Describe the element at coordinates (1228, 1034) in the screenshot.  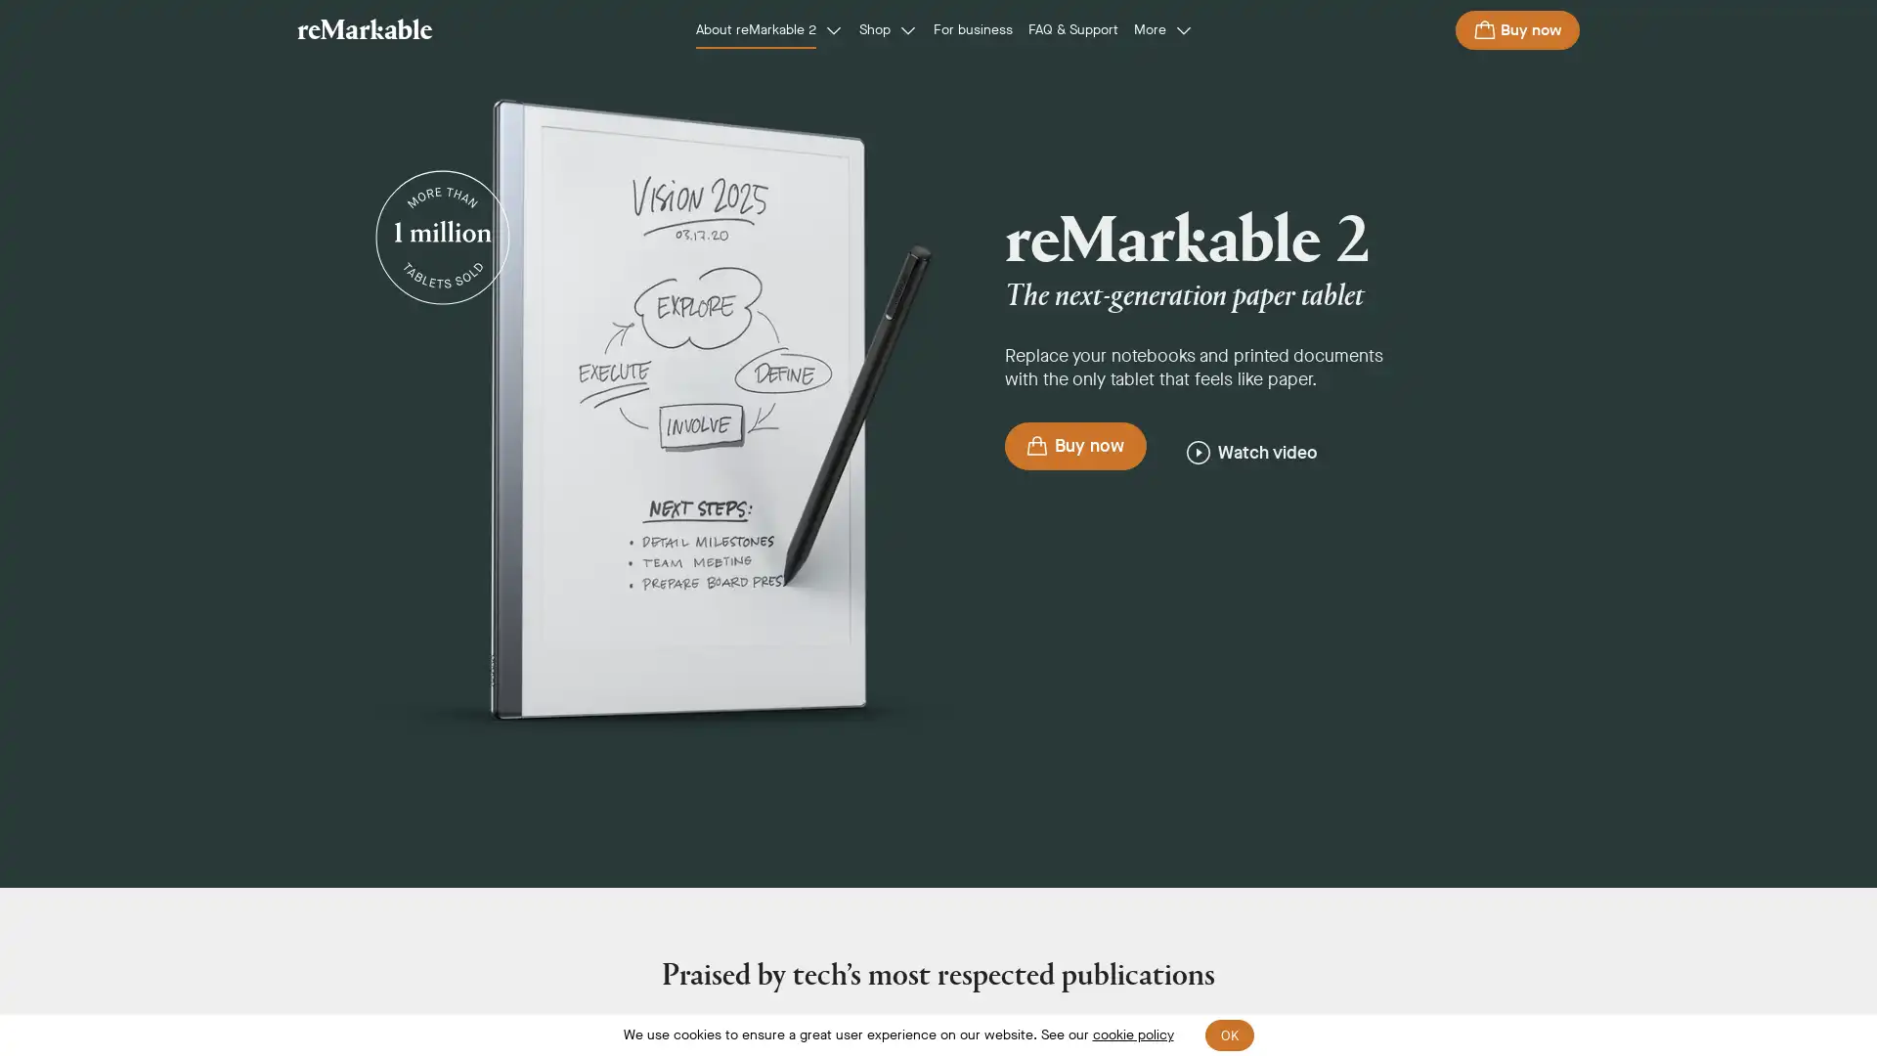
I see `OK` at that location.